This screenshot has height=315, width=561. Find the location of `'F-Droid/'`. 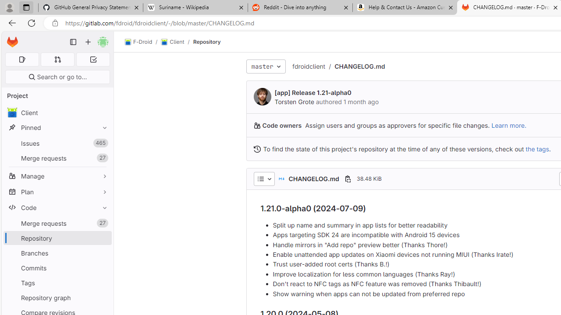

'F-Droid/' is located at coordinates (143, 42).